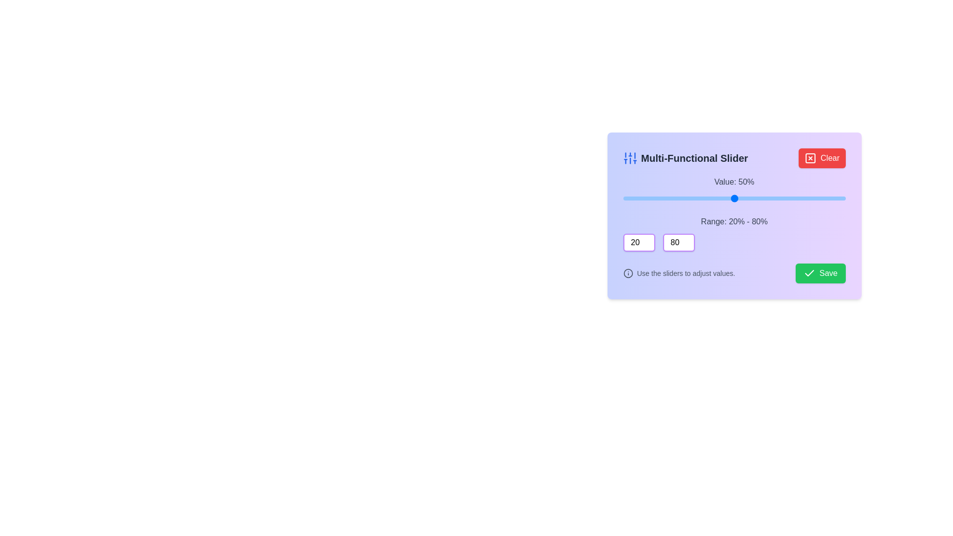 This screenshot has width=953, height=536. What do you see at coordinates (693, 199) in the screenshot?
I see `the slider value` at bounding box center [693, 199].